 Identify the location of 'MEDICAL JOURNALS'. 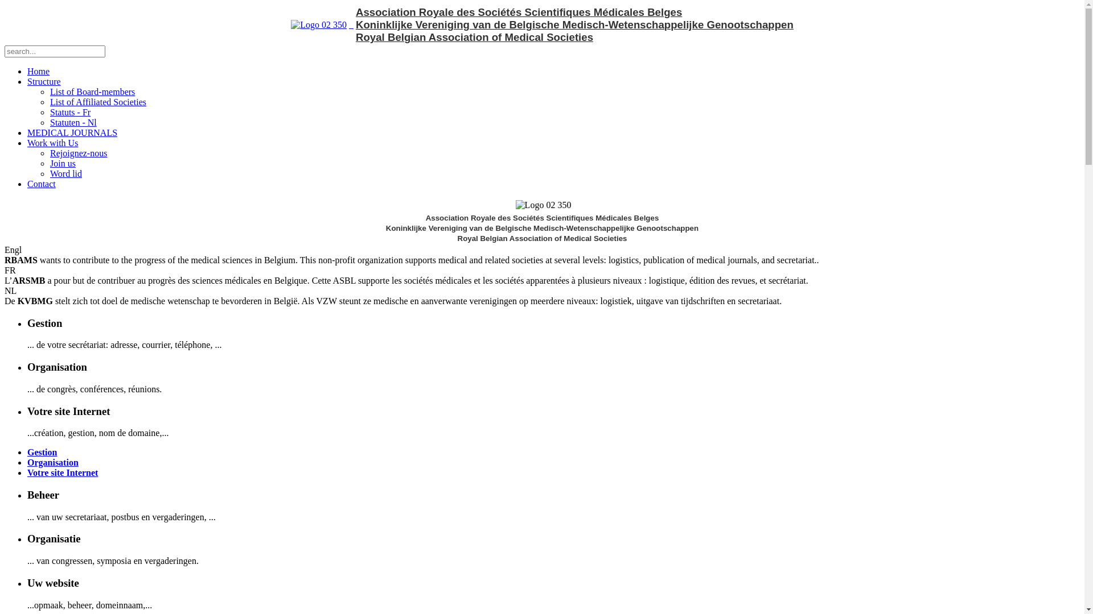
(71, 132).